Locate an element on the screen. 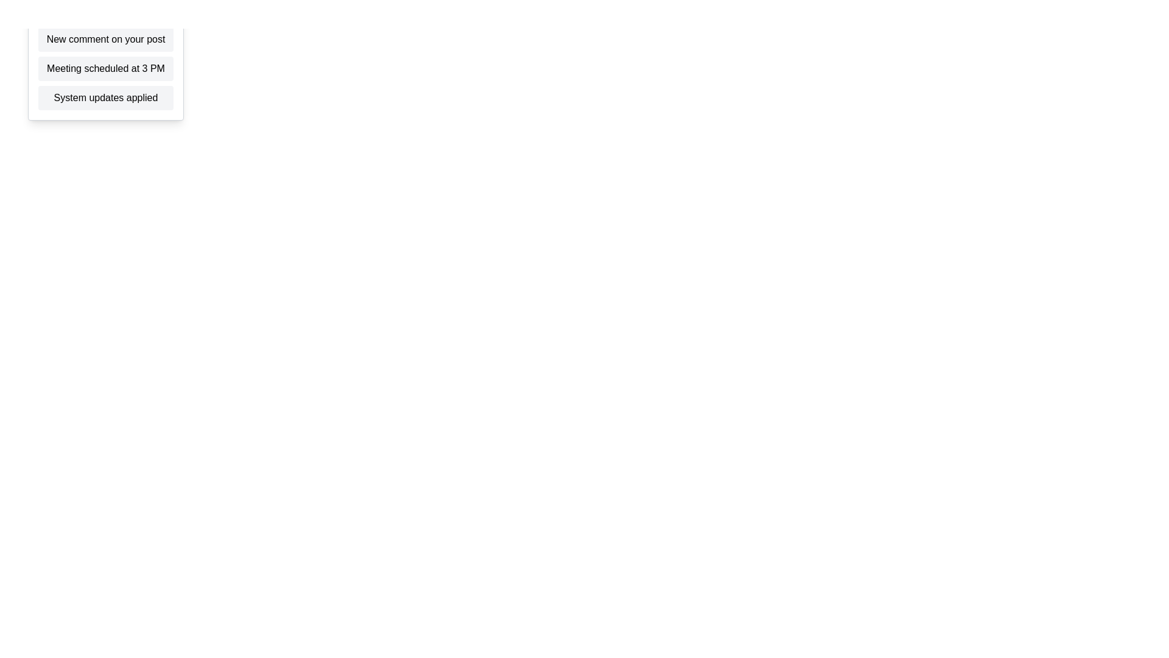  the text display box that shows the message 'Meeting scheduled at 3 PM', located between 'New comment on your post' and 'System updates applied' is located at coordinates (105, 68).